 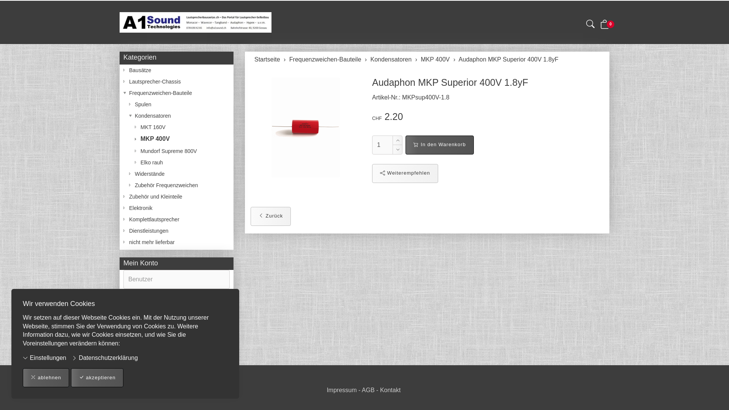 What do you see at coordinates (368, 390) in the screenshot?
I see `'AGB'` at bounding box center [368, 390].